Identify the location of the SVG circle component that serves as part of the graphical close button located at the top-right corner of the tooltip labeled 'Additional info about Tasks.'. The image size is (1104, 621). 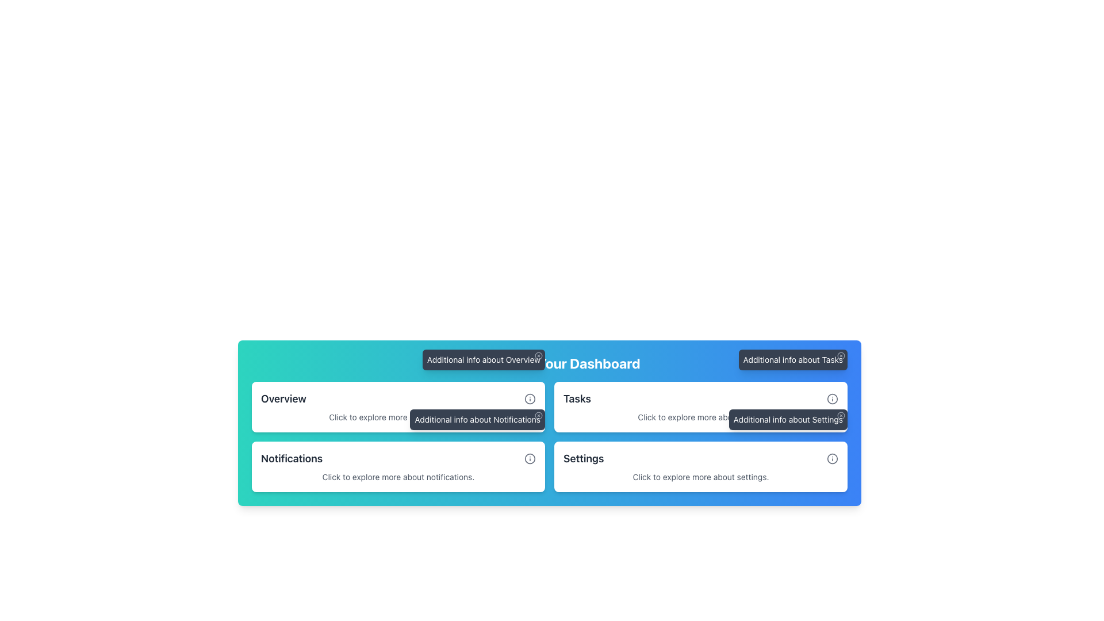
(841, 355).